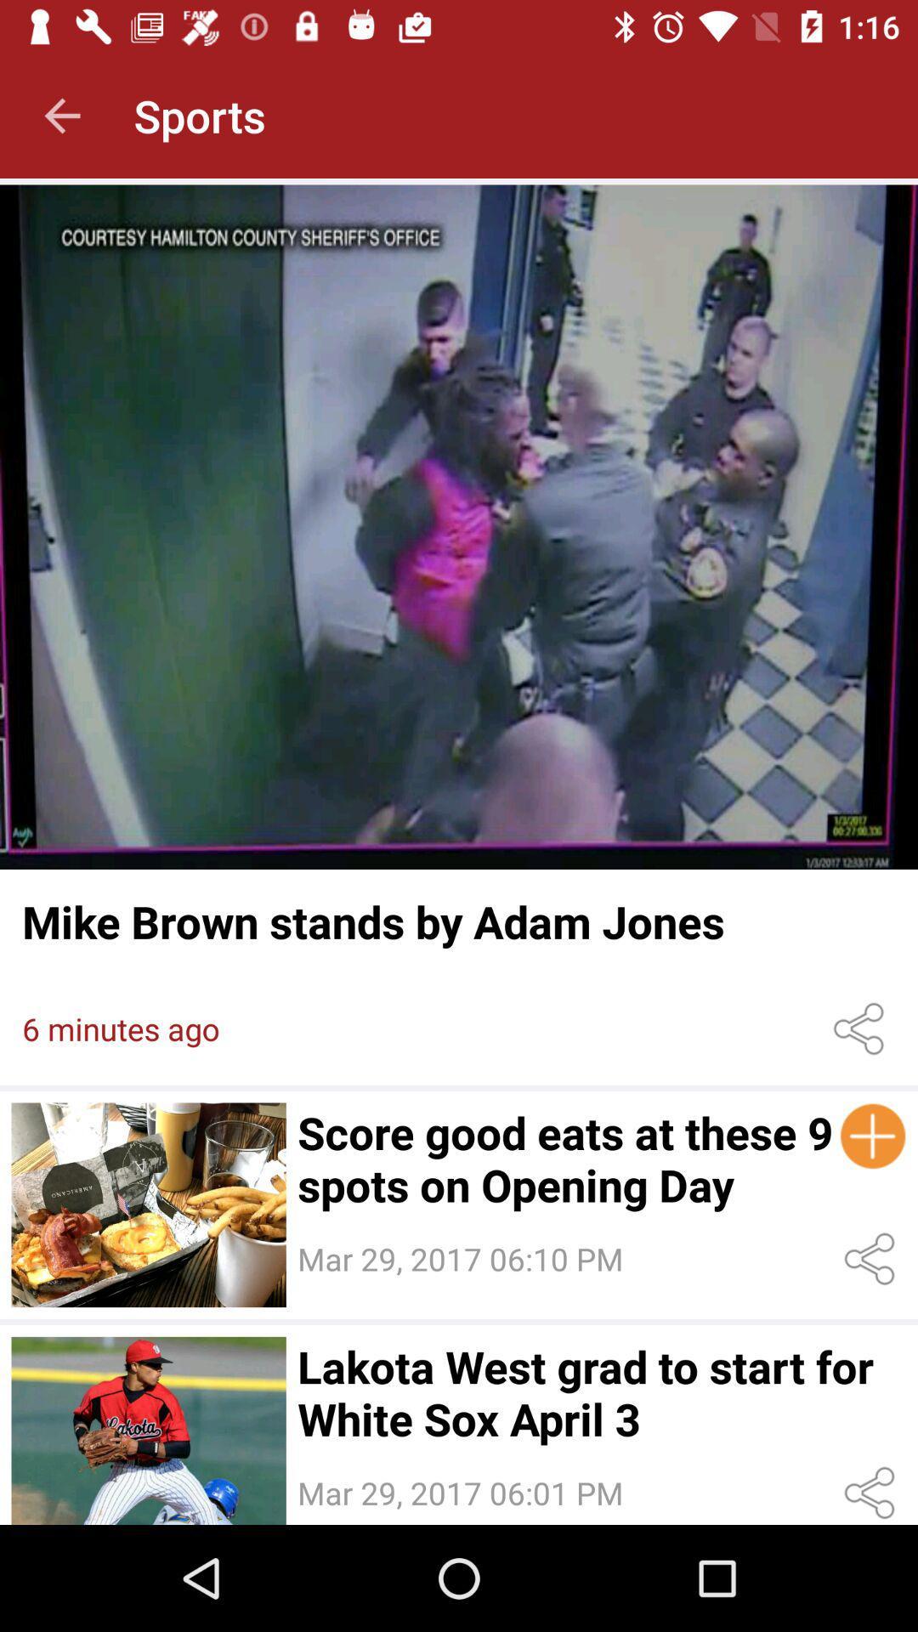 The height and width of the screenshot is (1632, 918). I want to click on share, so click(873, 1259).